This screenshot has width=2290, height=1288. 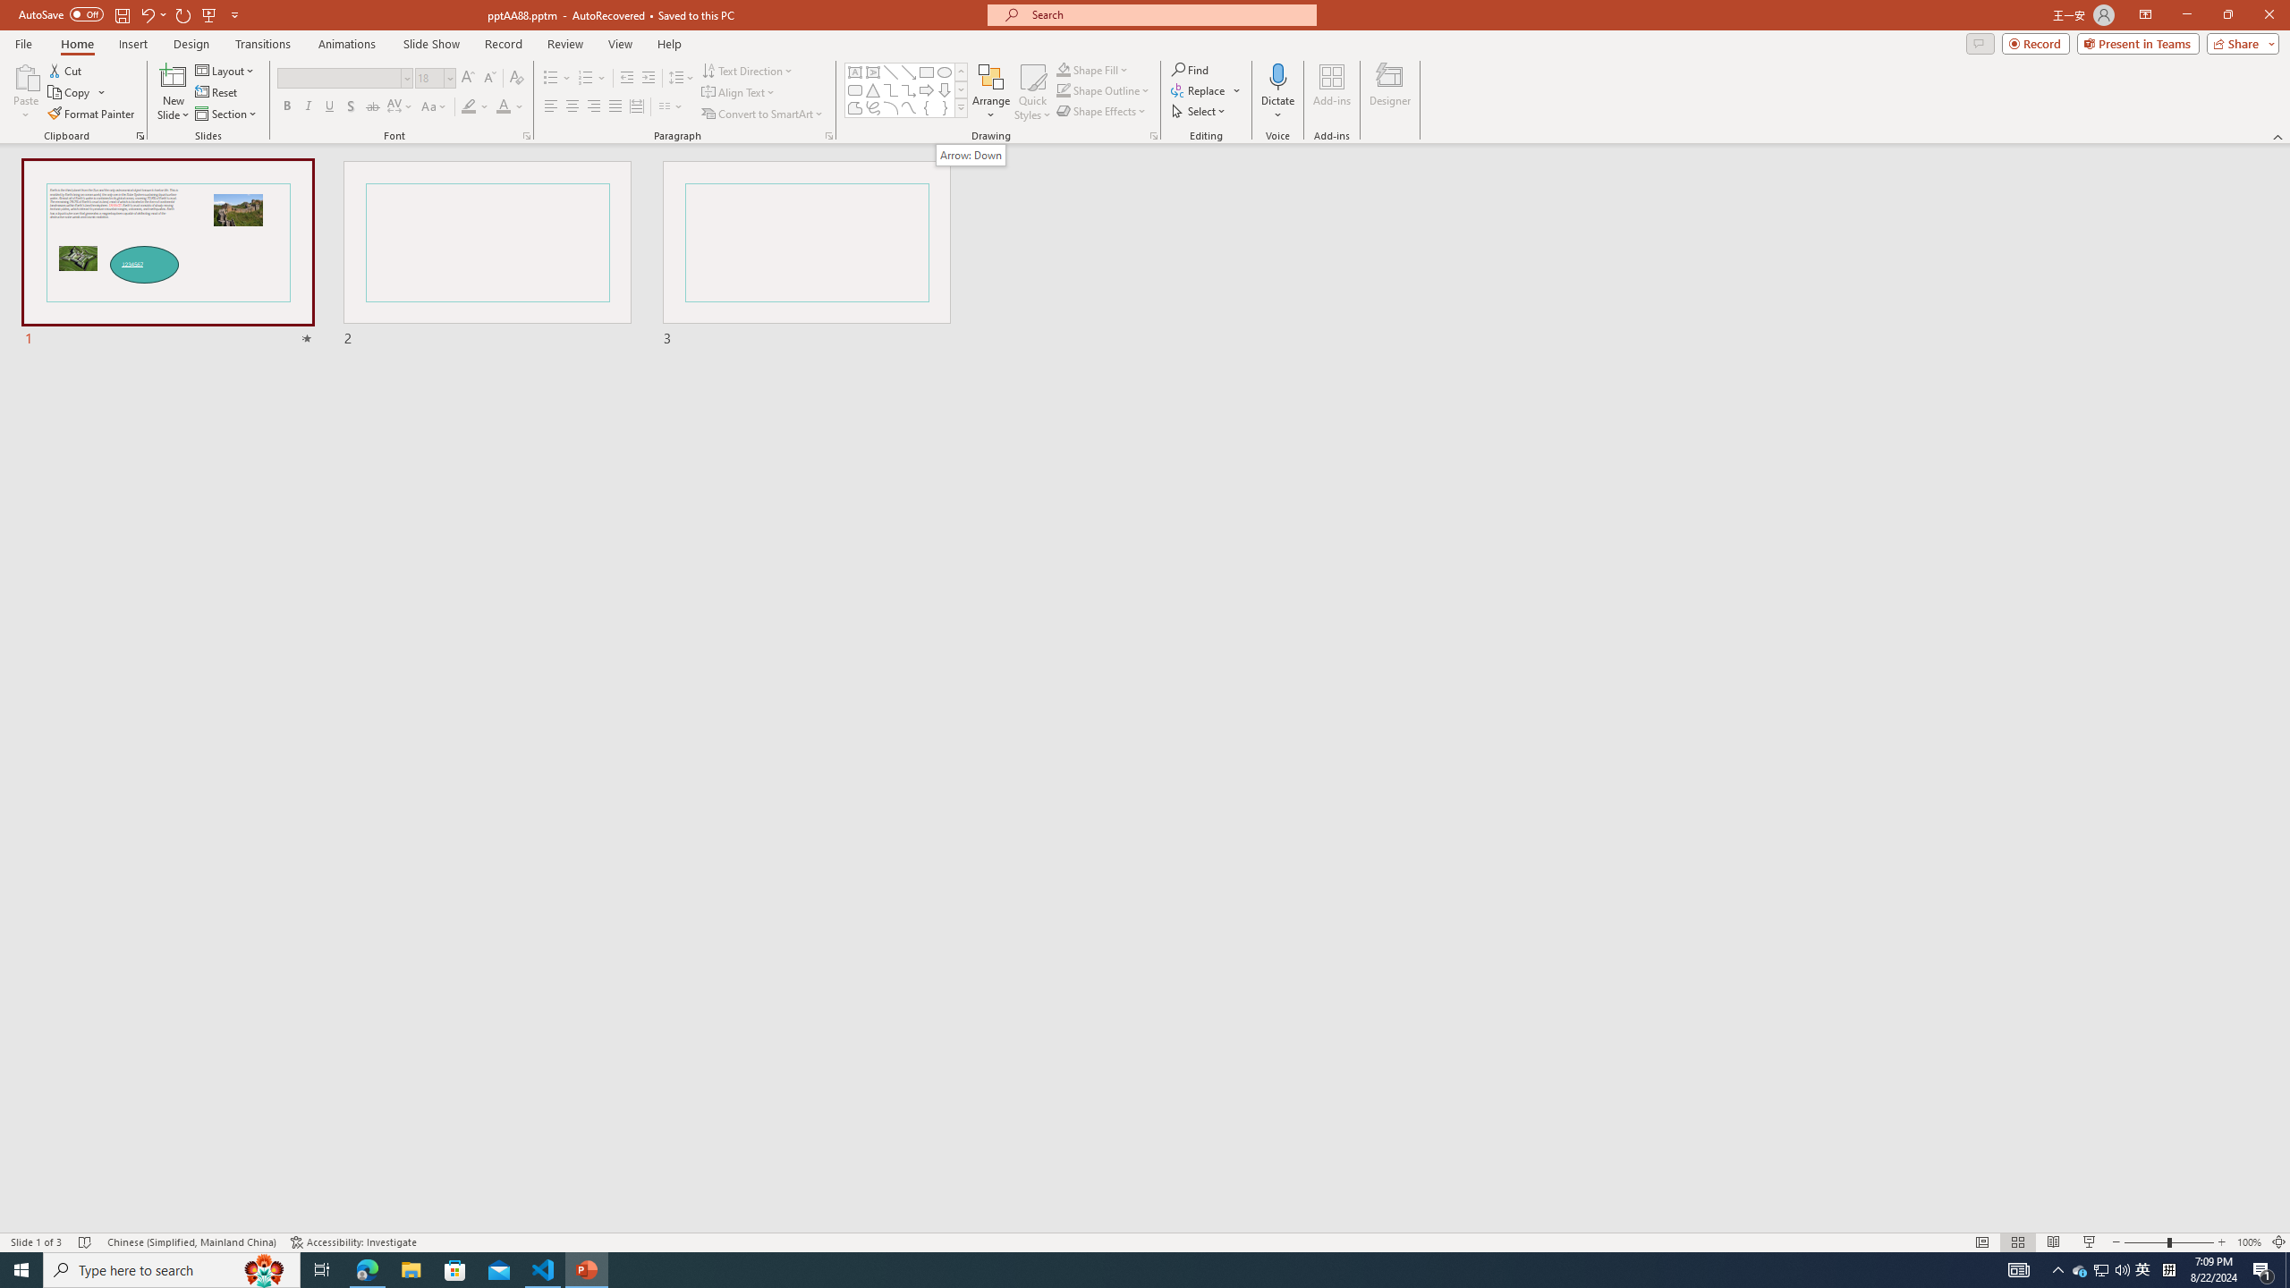 What do you see at coordinates (926, 106) in the screenshot?
I see `'Left Brace'` at bounding box center [926, 106].